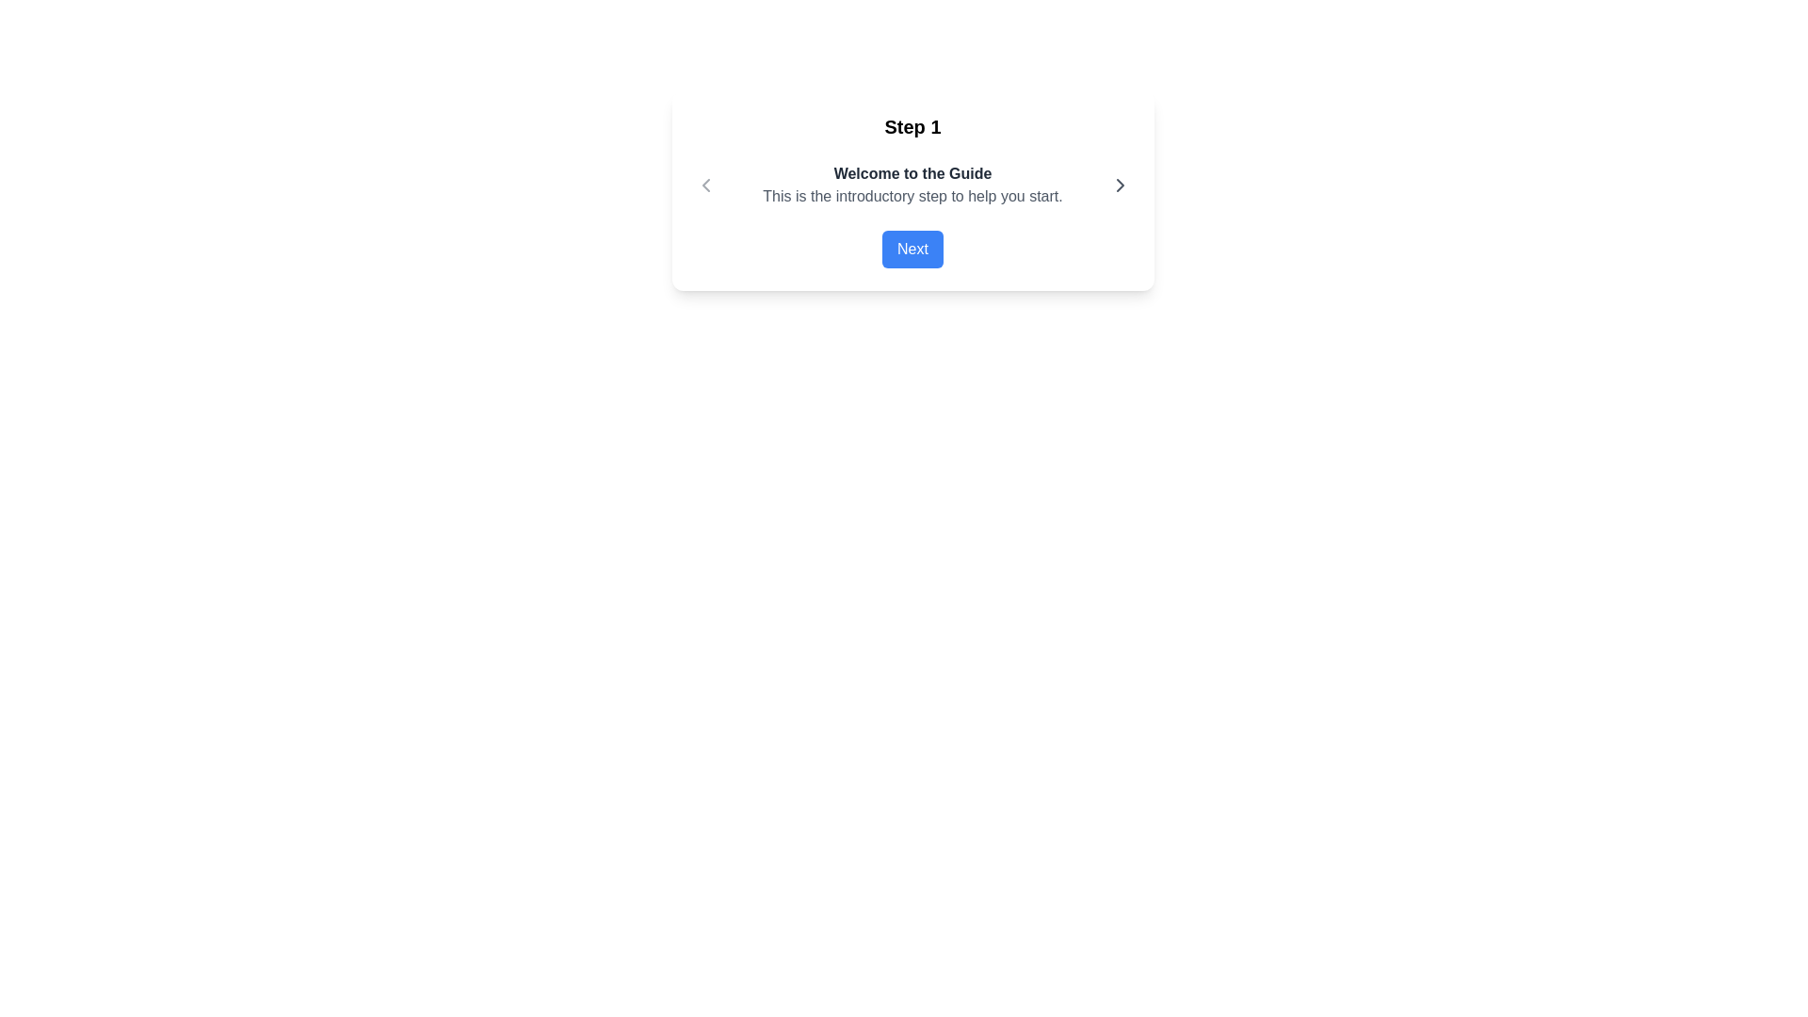 Image resolution: width=1808 pixels, height=1017 pixels. What do you see at coordinates (704, 185) in the screenshot?
I see `the left-facing chevron icon within the navigation header to change its color` at bounding box center [704, 185].